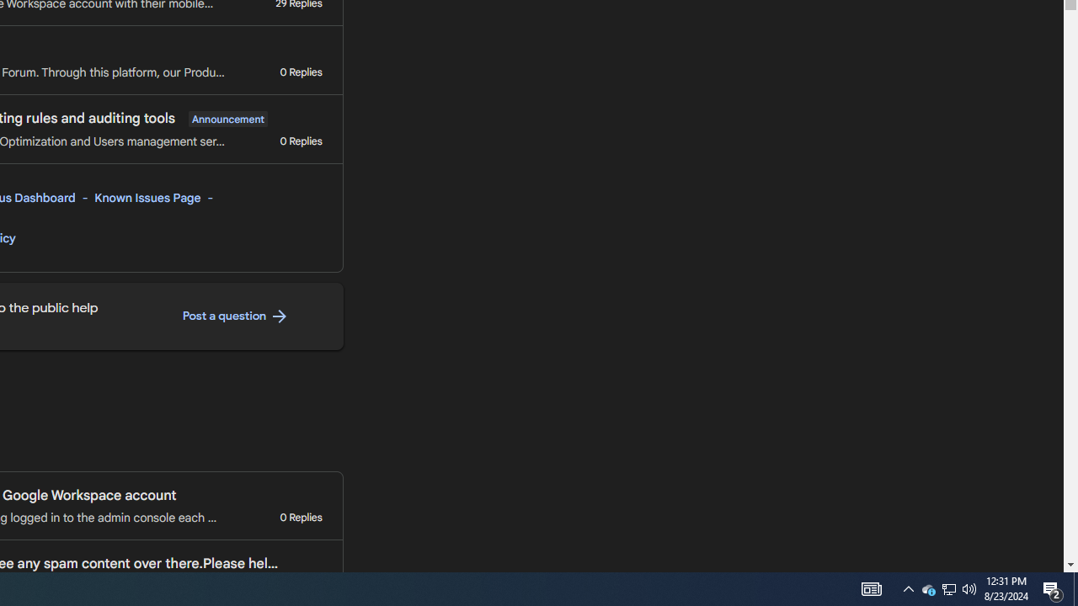 The width and height of the screenshot is (1078, 606). Describe the element at coordinates (148, 197) in the screenshot. I see `'Known Issues Page'` at that location.